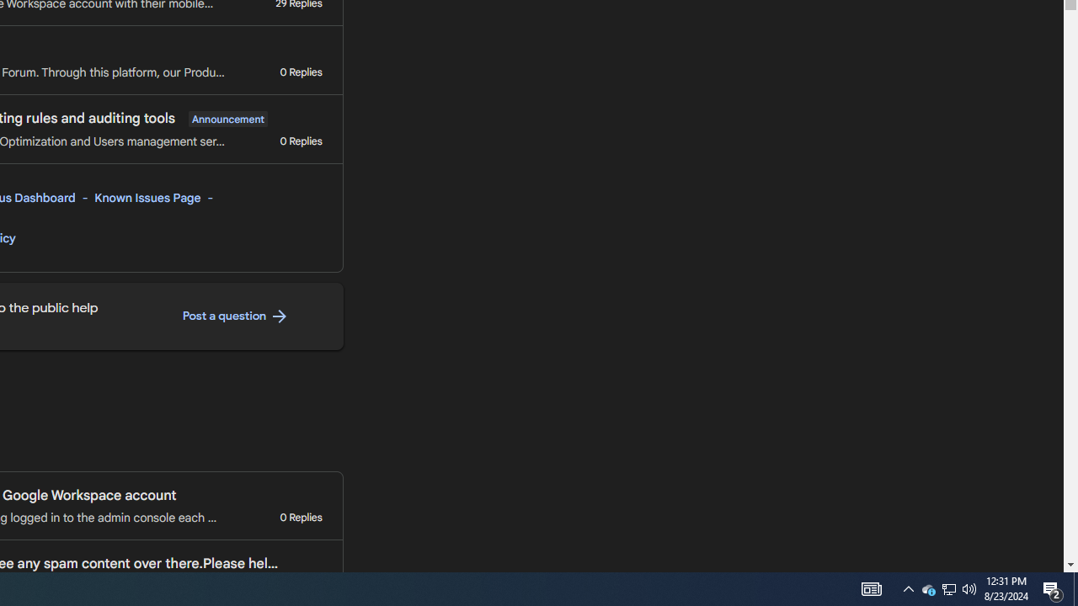 The width and height of the screenshot is (1078, 606). Describe the element at coordinates (148, 197) in the screenshot. I see `'Known Issues Page'` at that location.